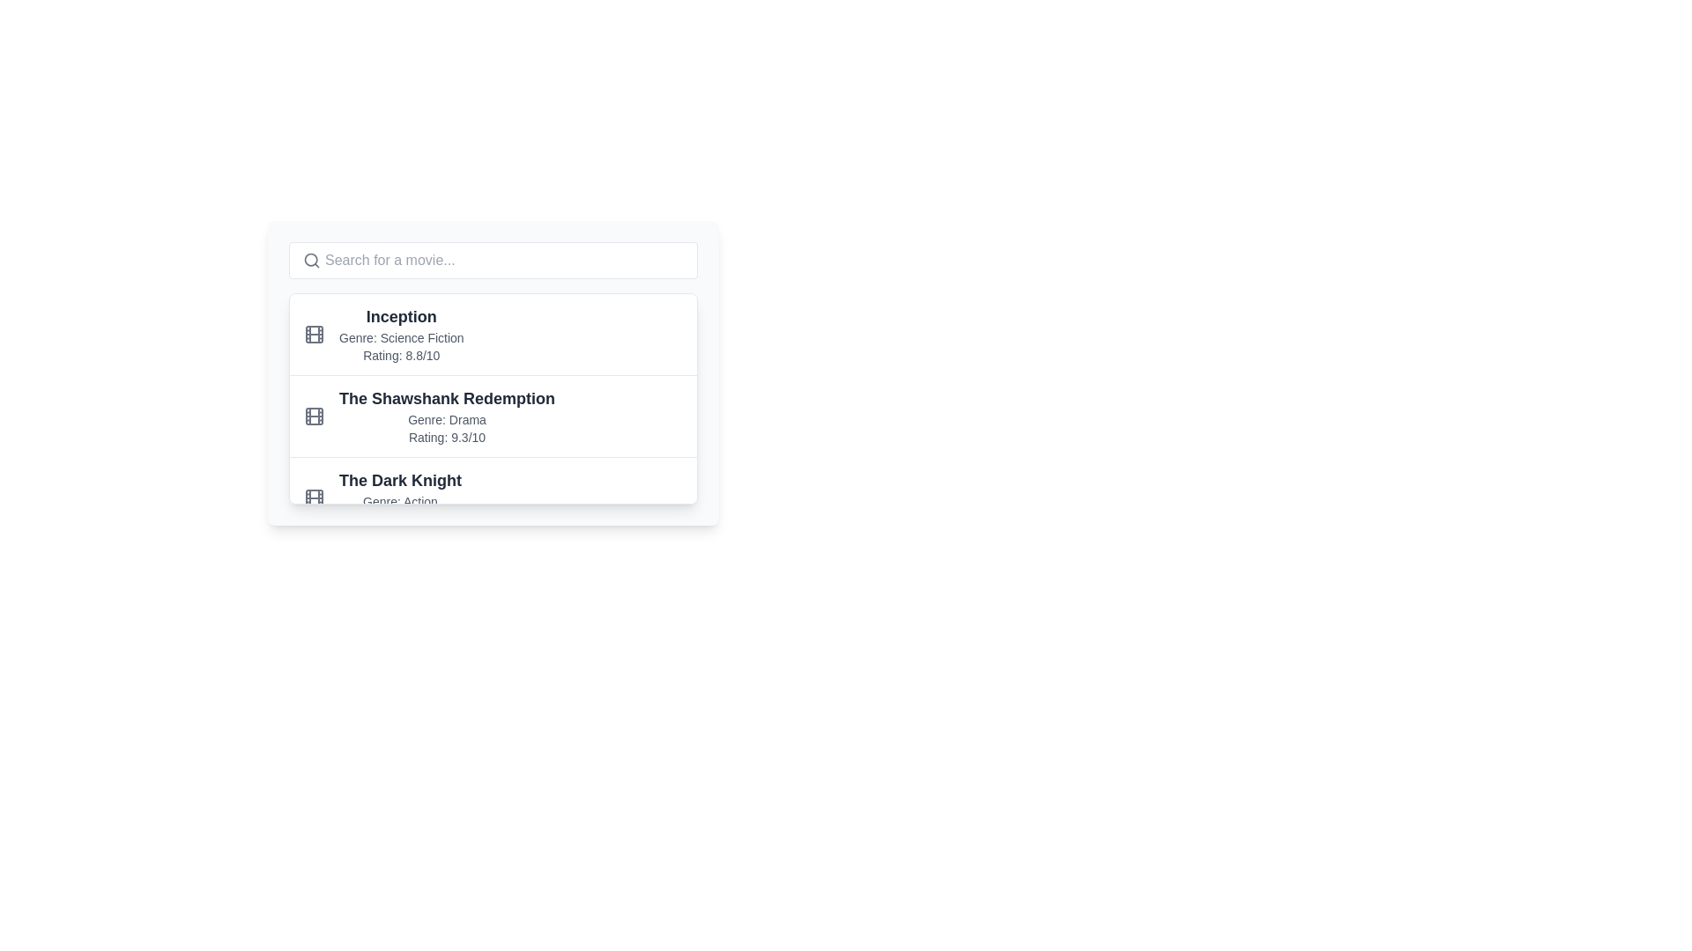  What do you see at coordinates (447, 420) in the screenshot?
I see `the genre information text label located directly below the title 'The Shawshank Redemption' and above the rating information` at bounding box center [447, 420].